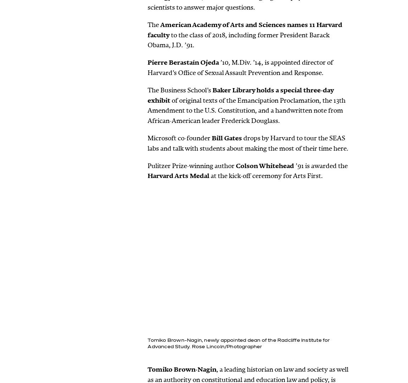  Describe the element at coordinates (147, 67) in the screenshot. I see `'’10, M.Div. ’14, is appointed director of Harvard’s Office of Sexual Assault Prevention and Response.'` at that location.